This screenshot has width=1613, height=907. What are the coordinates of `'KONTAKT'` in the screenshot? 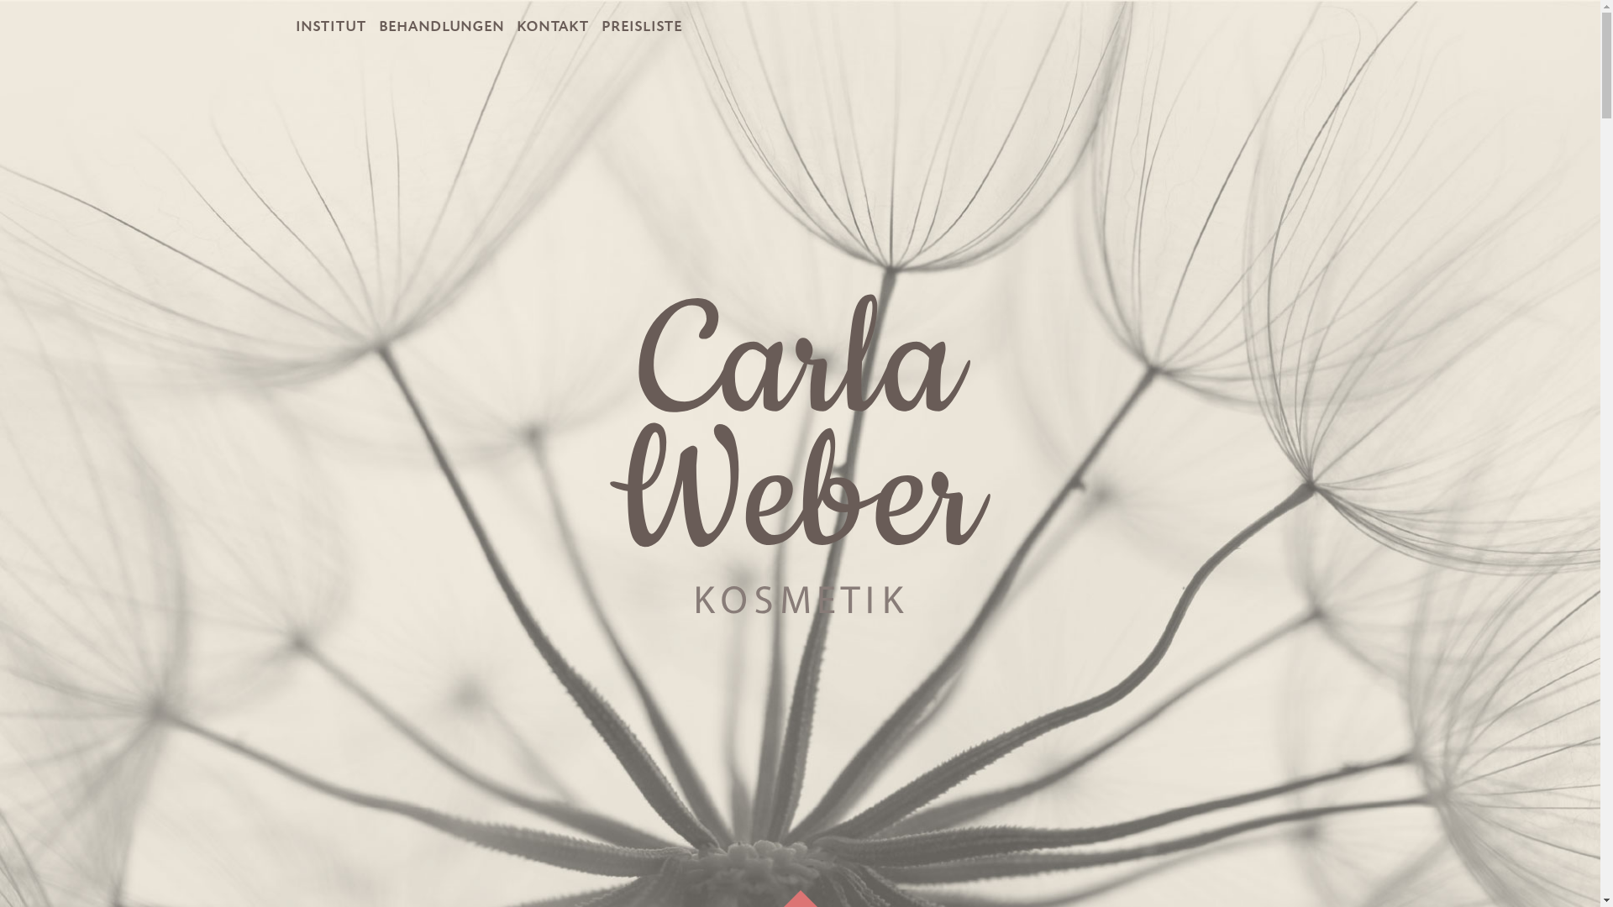 It's located at (553, 28).